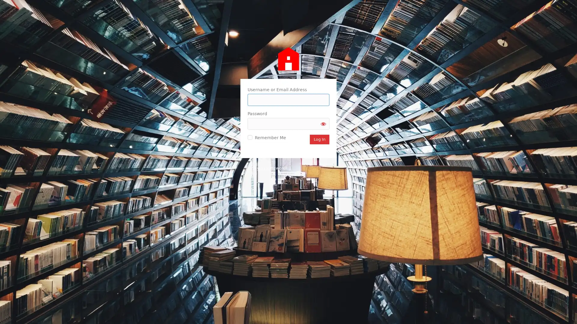 Image resolution: width=577 pixels, height=324 pixels. What do you see at coordinates (319, 139) in the screenshot?
I see `Log In` at bounding box center [319, 139].